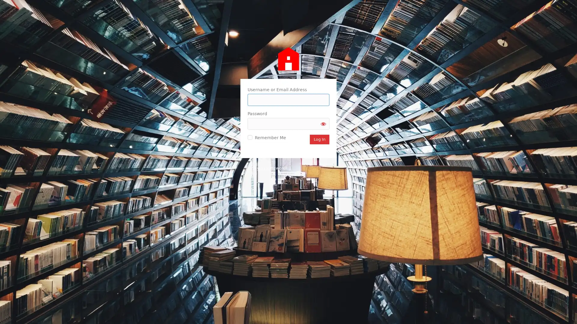 Image resolution: width=577 pixels, height=324 pixels. What do you see at coordinates (319, 139) in the screenshot?
I see `Log In` at bounding box center [319, 139].